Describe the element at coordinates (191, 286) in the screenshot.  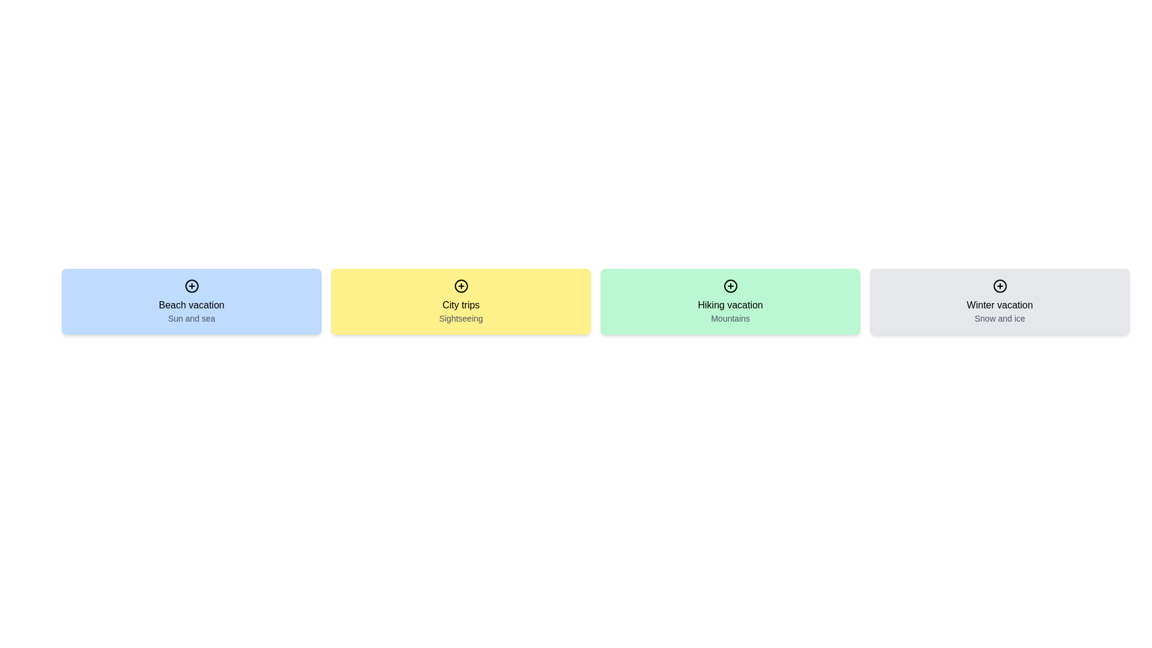
I see `the circular icon with a '+' sign located at the center of the blue card labeled 'Beach vacation'` at that location.